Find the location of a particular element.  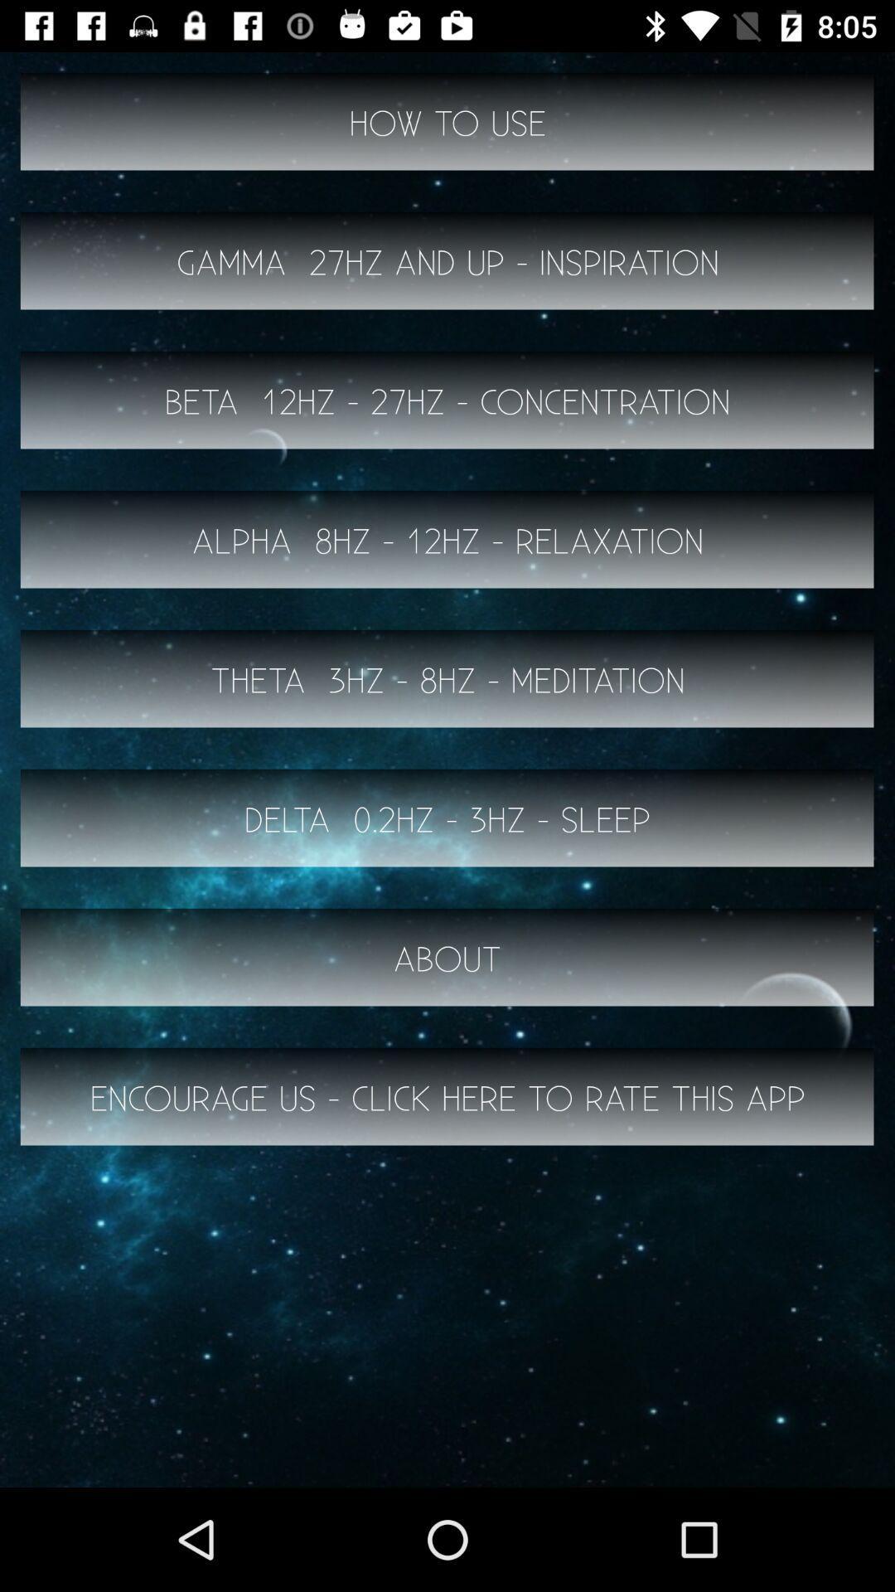

the icon below theta 3hz 8hz icon is located at coordinates (447, 818).